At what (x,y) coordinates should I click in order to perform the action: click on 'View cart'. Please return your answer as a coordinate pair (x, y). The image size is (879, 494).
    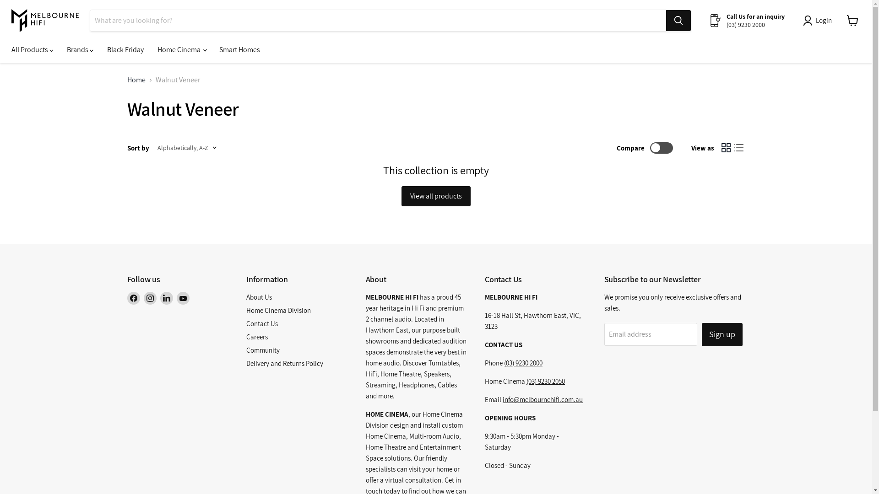
    Looking at the image, I should click on (852, 21).